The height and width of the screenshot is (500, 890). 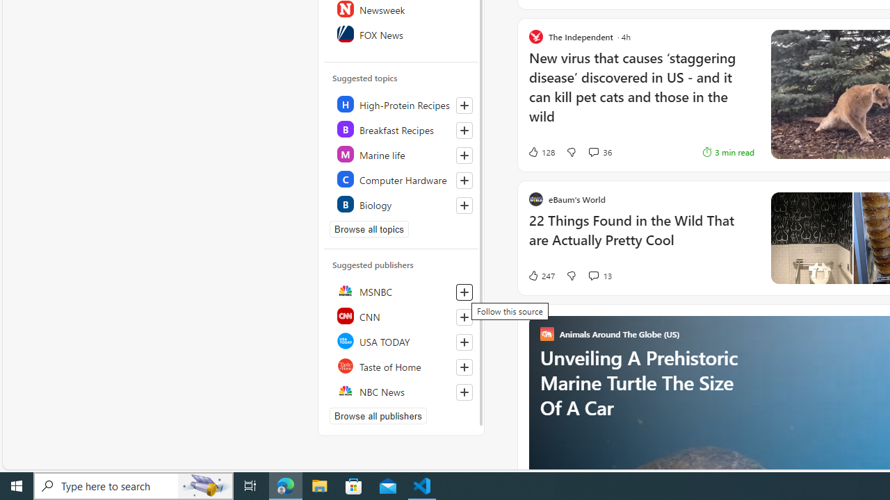 What do you see at coordinates (464, 205) in the screenshot?
I see `'Follow this topic'` at bounding box center [464, 205].